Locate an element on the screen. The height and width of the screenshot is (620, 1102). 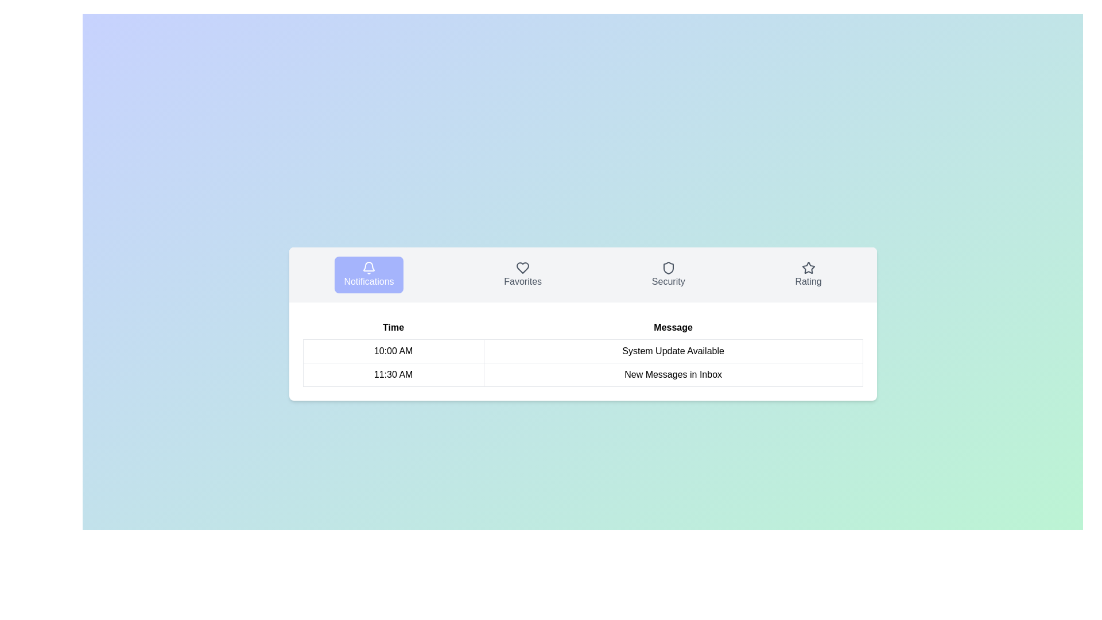
interactions associated with the bell-shaped notification icon located in the Notifications tab, which is the first icon from the left in the horizontal navigation menu is located at coordinates (369, 266).